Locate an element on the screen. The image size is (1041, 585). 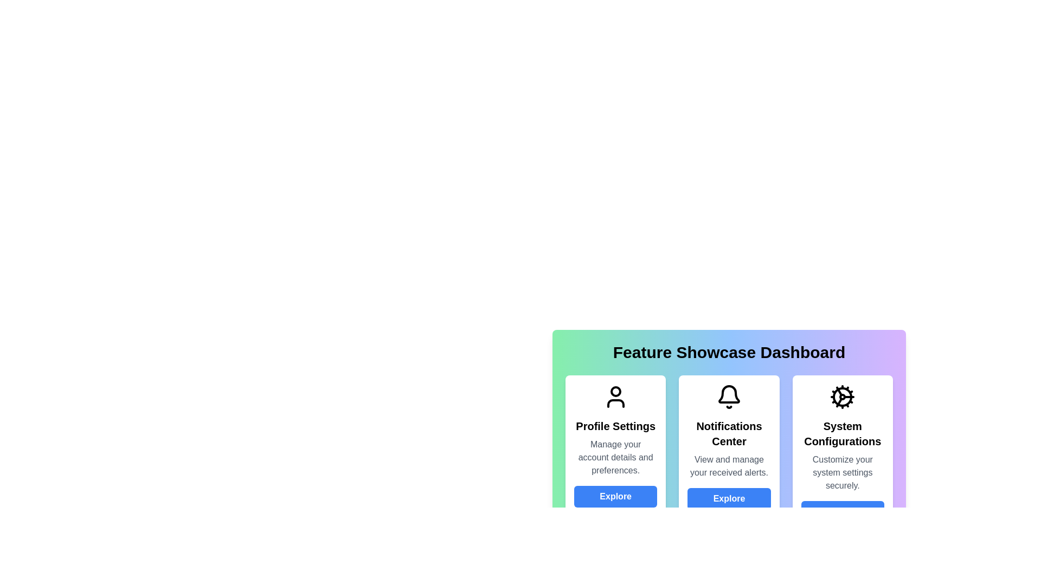
the bell icon located in the center card of the feature showcase dashboard, which is directly below the 'Notifications Center' label is located at coordinates (729, 396).